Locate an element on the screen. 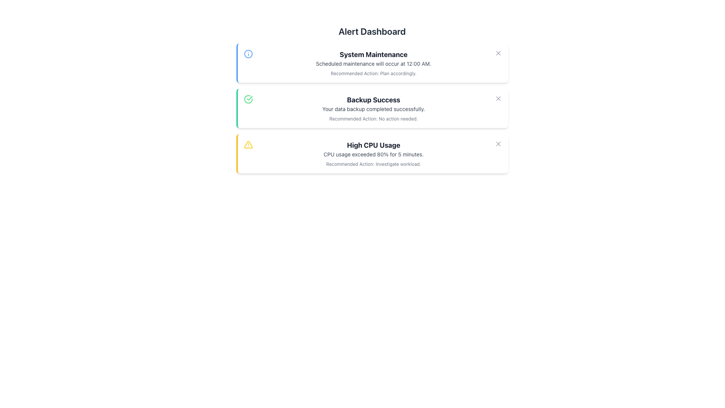 The width and height of the screenshot is (725, 408). success message on the Notification card located in the Alert Dashboard, which informs users of the successful completion of a backup process is located at coordinates (372, 108).